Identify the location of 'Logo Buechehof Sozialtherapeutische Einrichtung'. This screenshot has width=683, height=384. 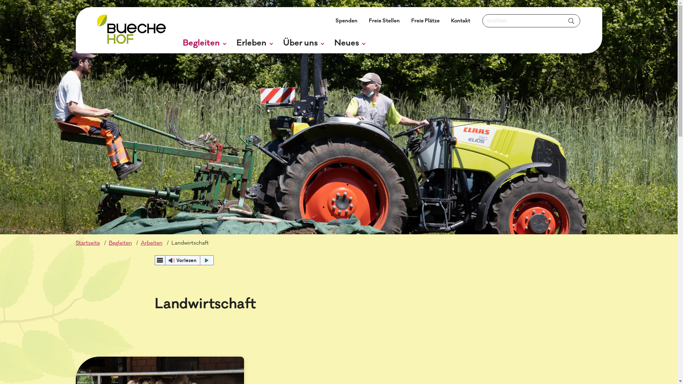
(96, 30).